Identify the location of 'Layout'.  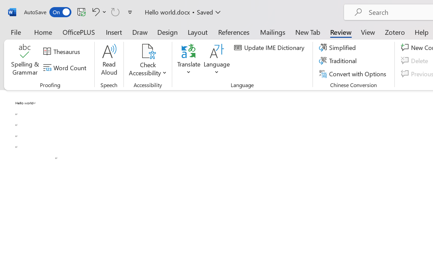
(197, 32).